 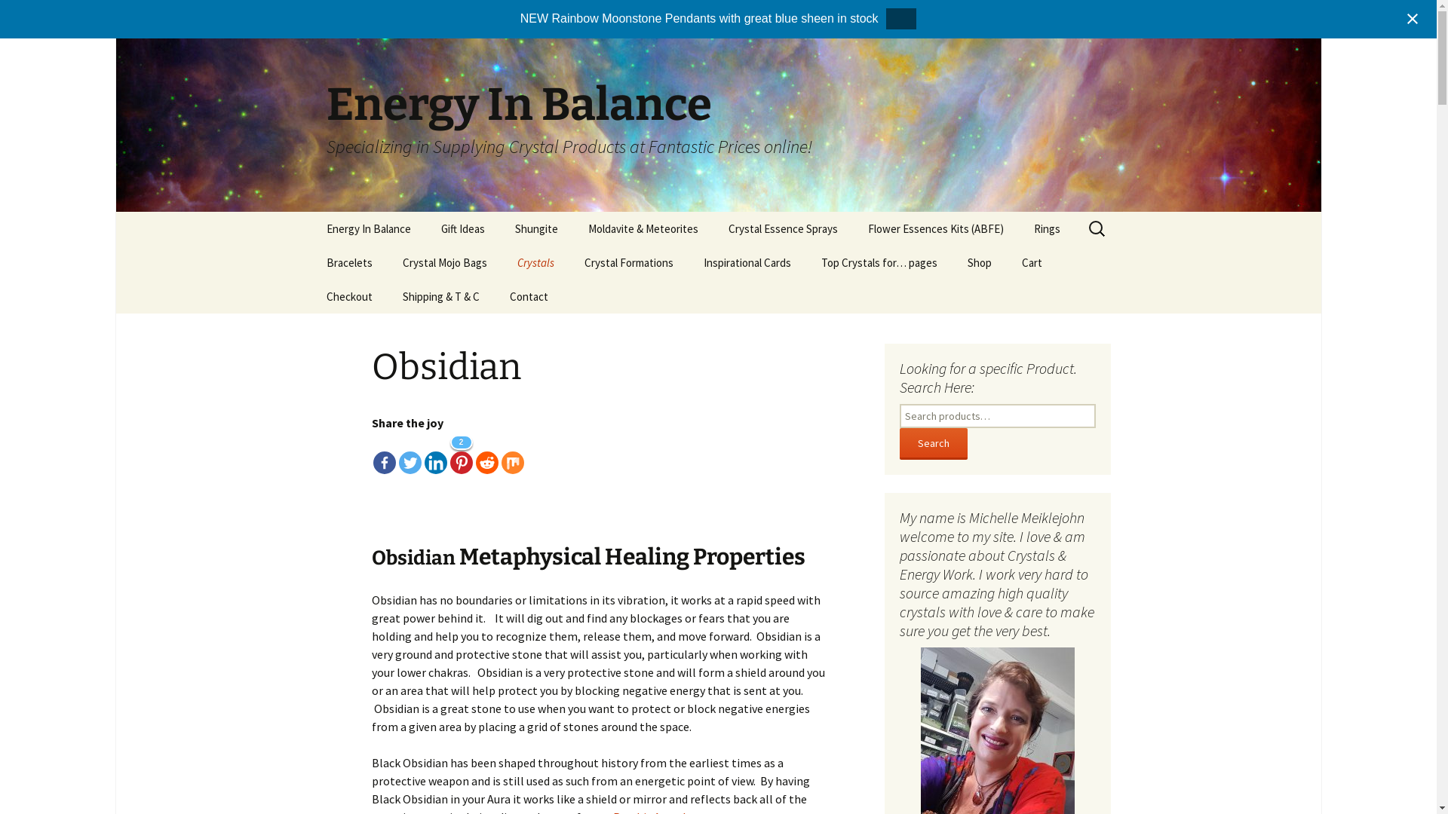 What do you see at coordinates (932, 443) in the screenshot?
I see `'Search'` at bounding box center [932, 443].